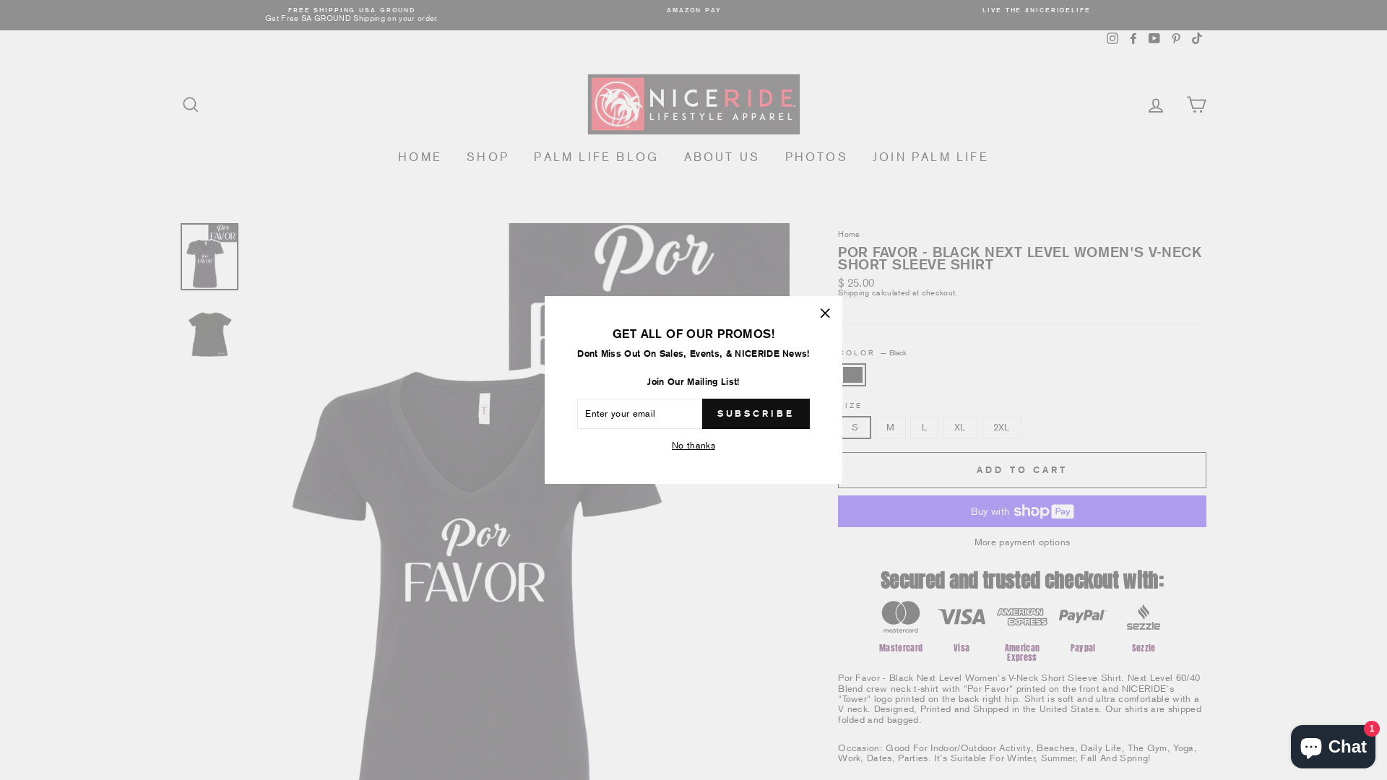  What do you see at coordinates (1021, 470) in the screenshot?
I see `'ADD TO CART'` at bounding box center [1021, 470].